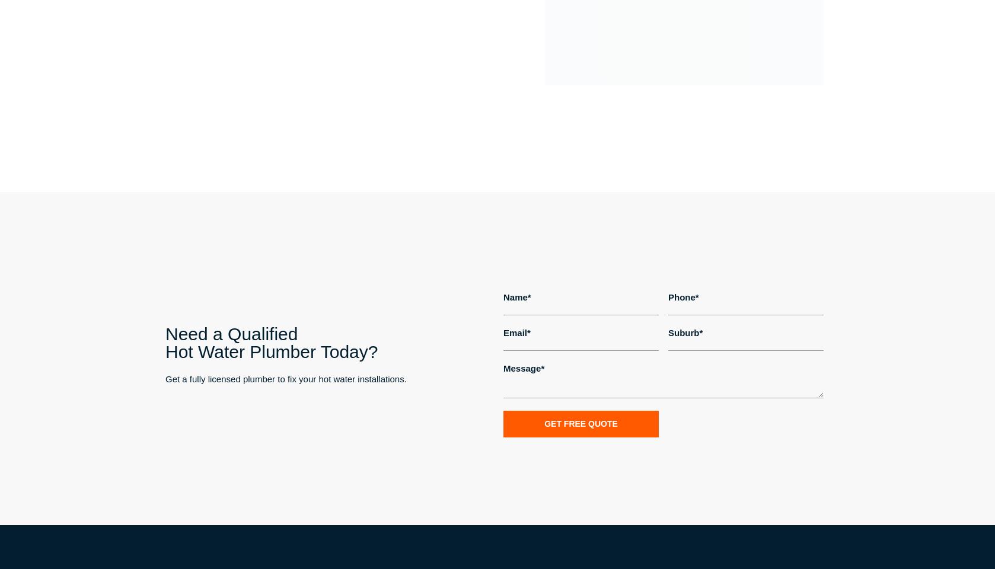 The image size is (995, 569). I want to click on 'Get a fully licensed plumber to fix your hot water installations.', so click(285, 378).